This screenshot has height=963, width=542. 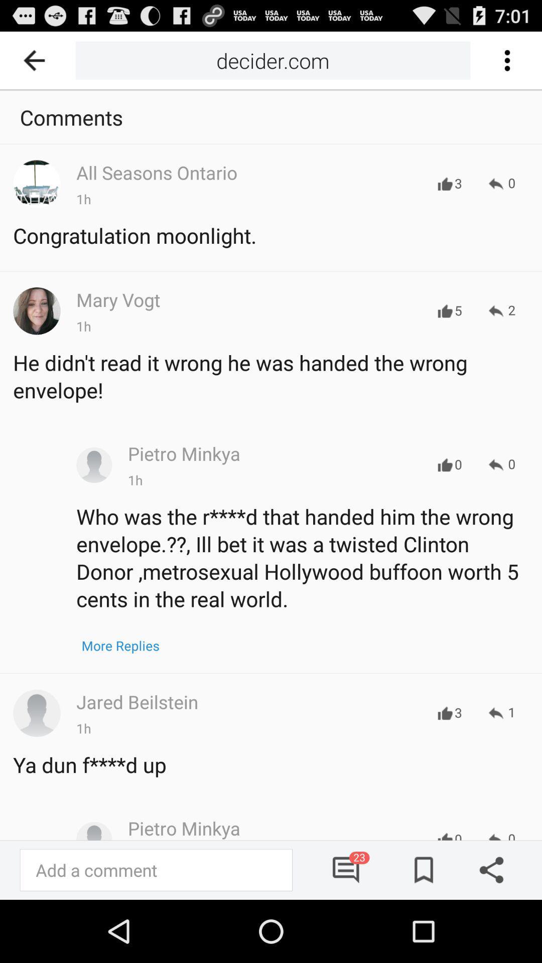 What do you see at coordinates (346, 869) in the screenshot?
I see `the notification icon at the bottom` at bounding box center [346, 869].